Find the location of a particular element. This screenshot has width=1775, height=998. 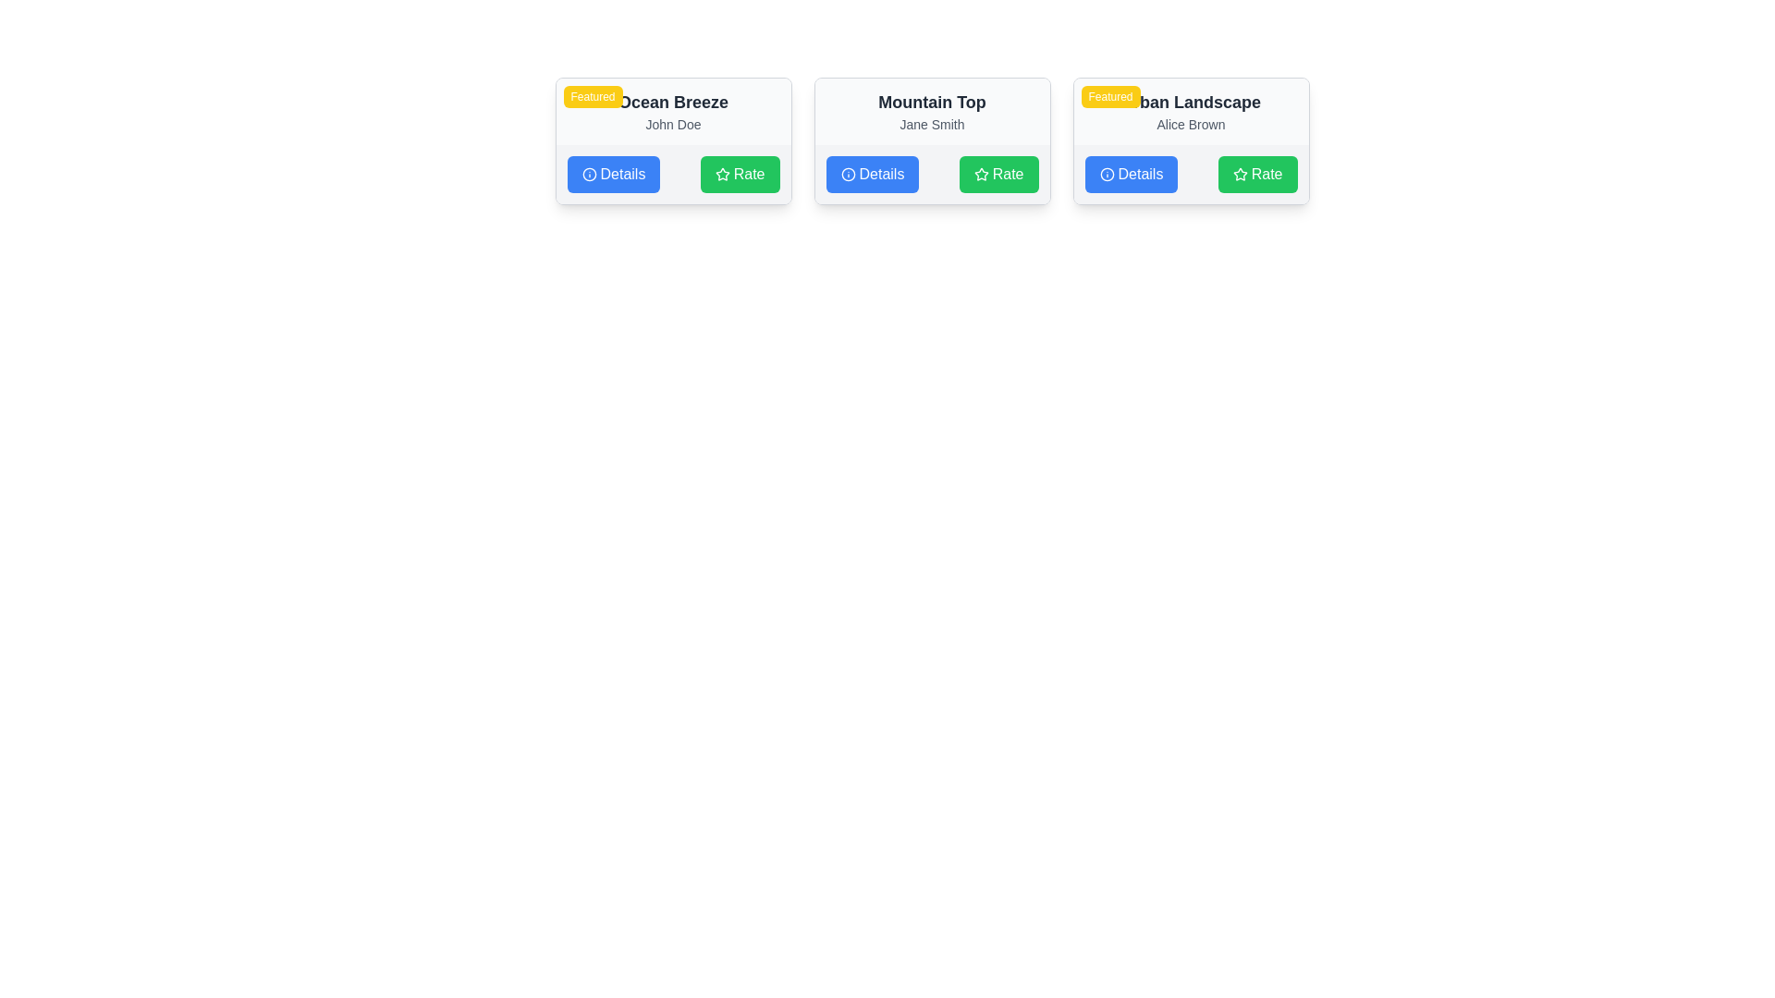

the Details button of the third card labeled Urban Landscape by clicking the Icon within it is located at coordinates (1107, 175).